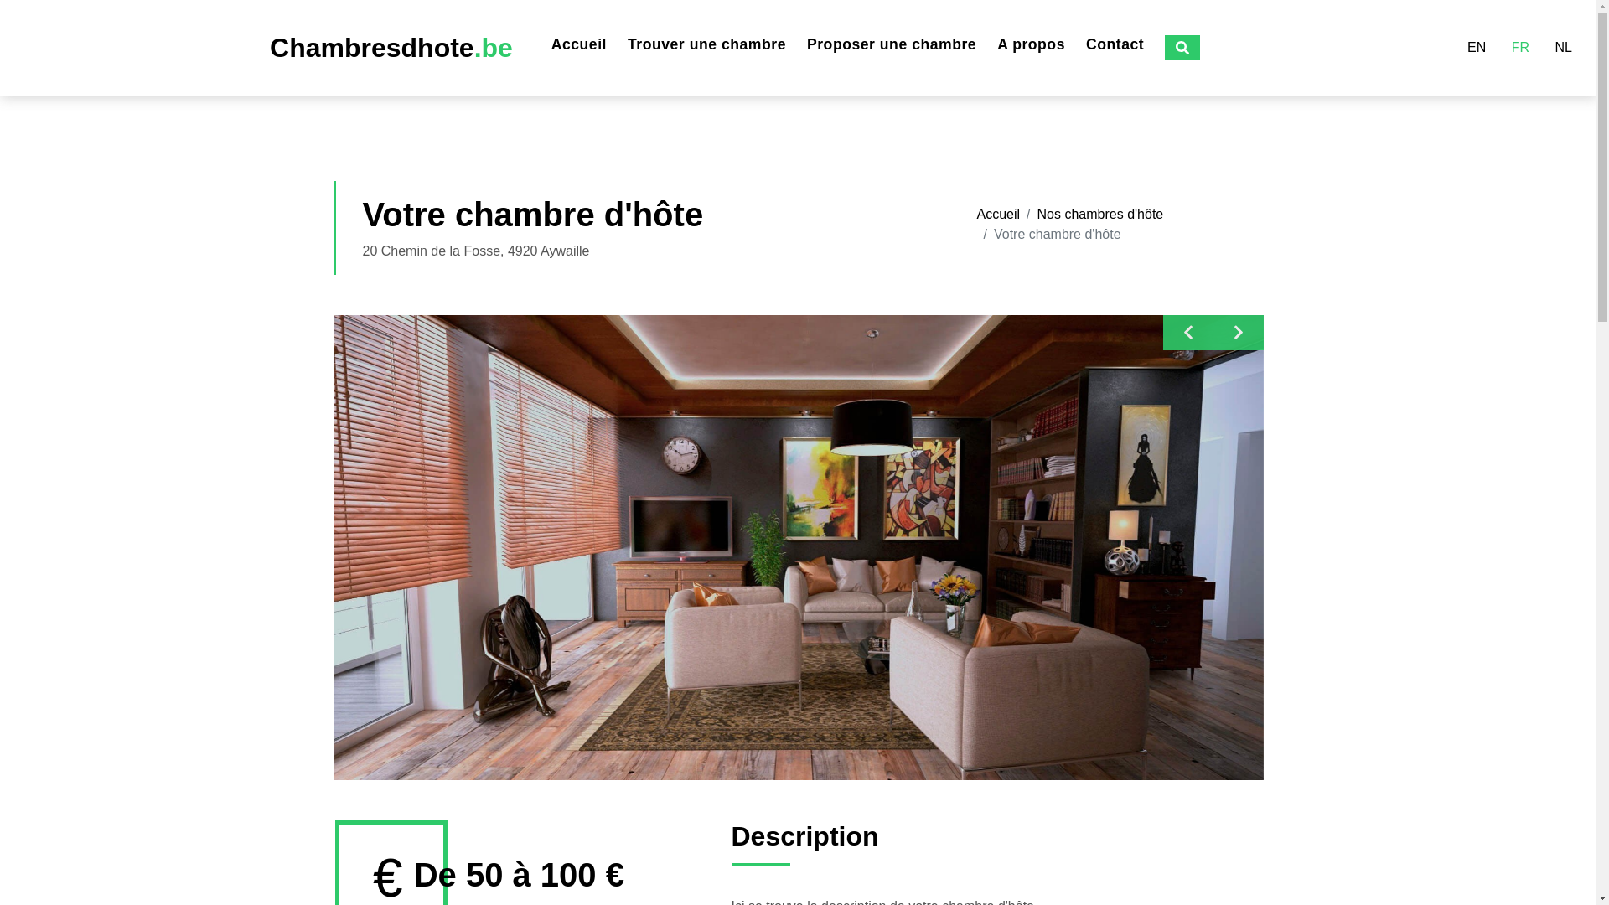  What do you see at coordinates (998, 213) in the screenshot?
I see `'Accueil'` at bounding box center [998, 213].